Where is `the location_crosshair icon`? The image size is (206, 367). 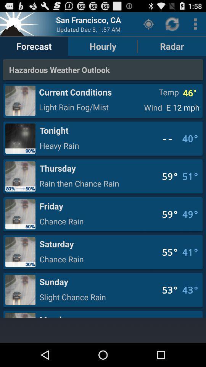
the location_crosshair icon is located at coordinates (148, 26).